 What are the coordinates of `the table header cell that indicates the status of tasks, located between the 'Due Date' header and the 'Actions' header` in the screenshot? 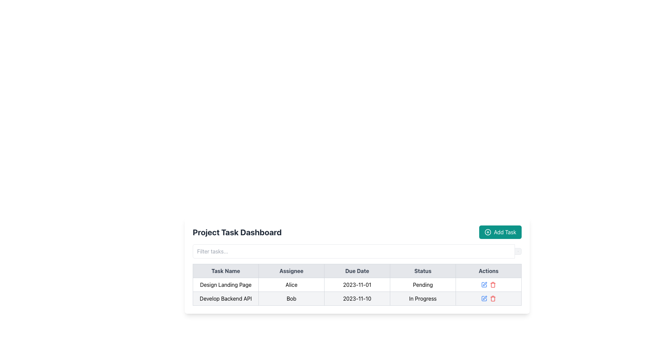 It's located at (422, 270).